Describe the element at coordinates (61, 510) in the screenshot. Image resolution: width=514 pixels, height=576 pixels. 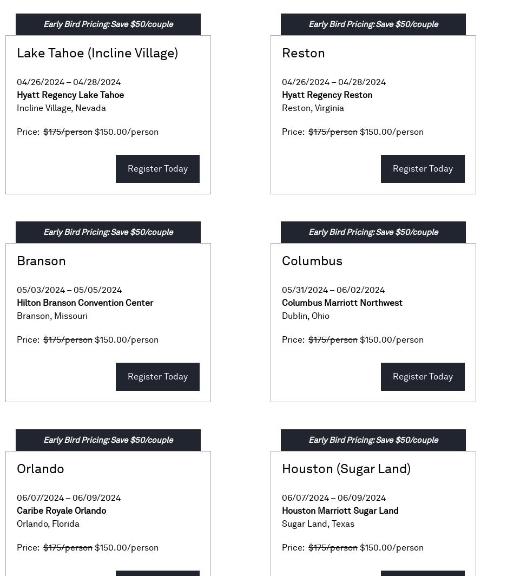
I see `'Caribe Royale Orlando'` at that location.